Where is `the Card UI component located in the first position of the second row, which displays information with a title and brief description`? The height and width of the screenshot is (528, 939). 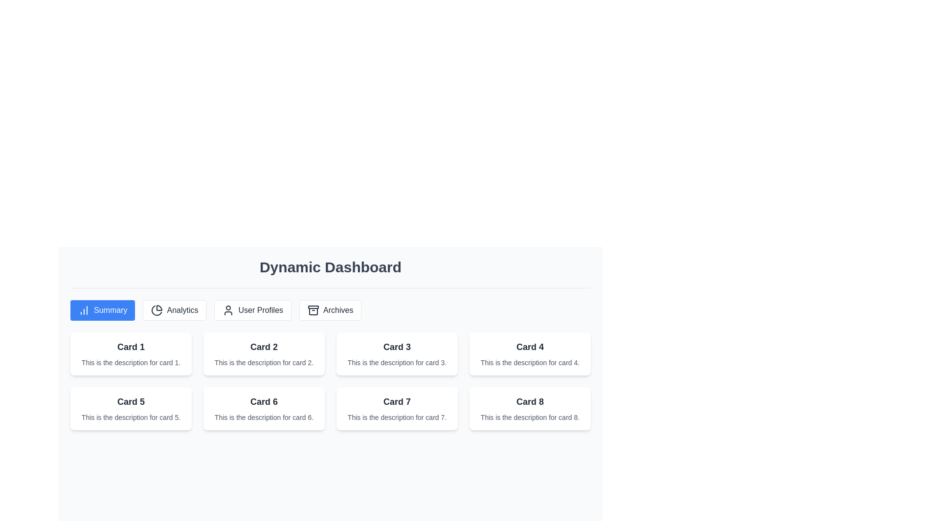
the Card UI component located in the first position of the second row, which displays information with a title and brief description is located at coordinates (131, 409).